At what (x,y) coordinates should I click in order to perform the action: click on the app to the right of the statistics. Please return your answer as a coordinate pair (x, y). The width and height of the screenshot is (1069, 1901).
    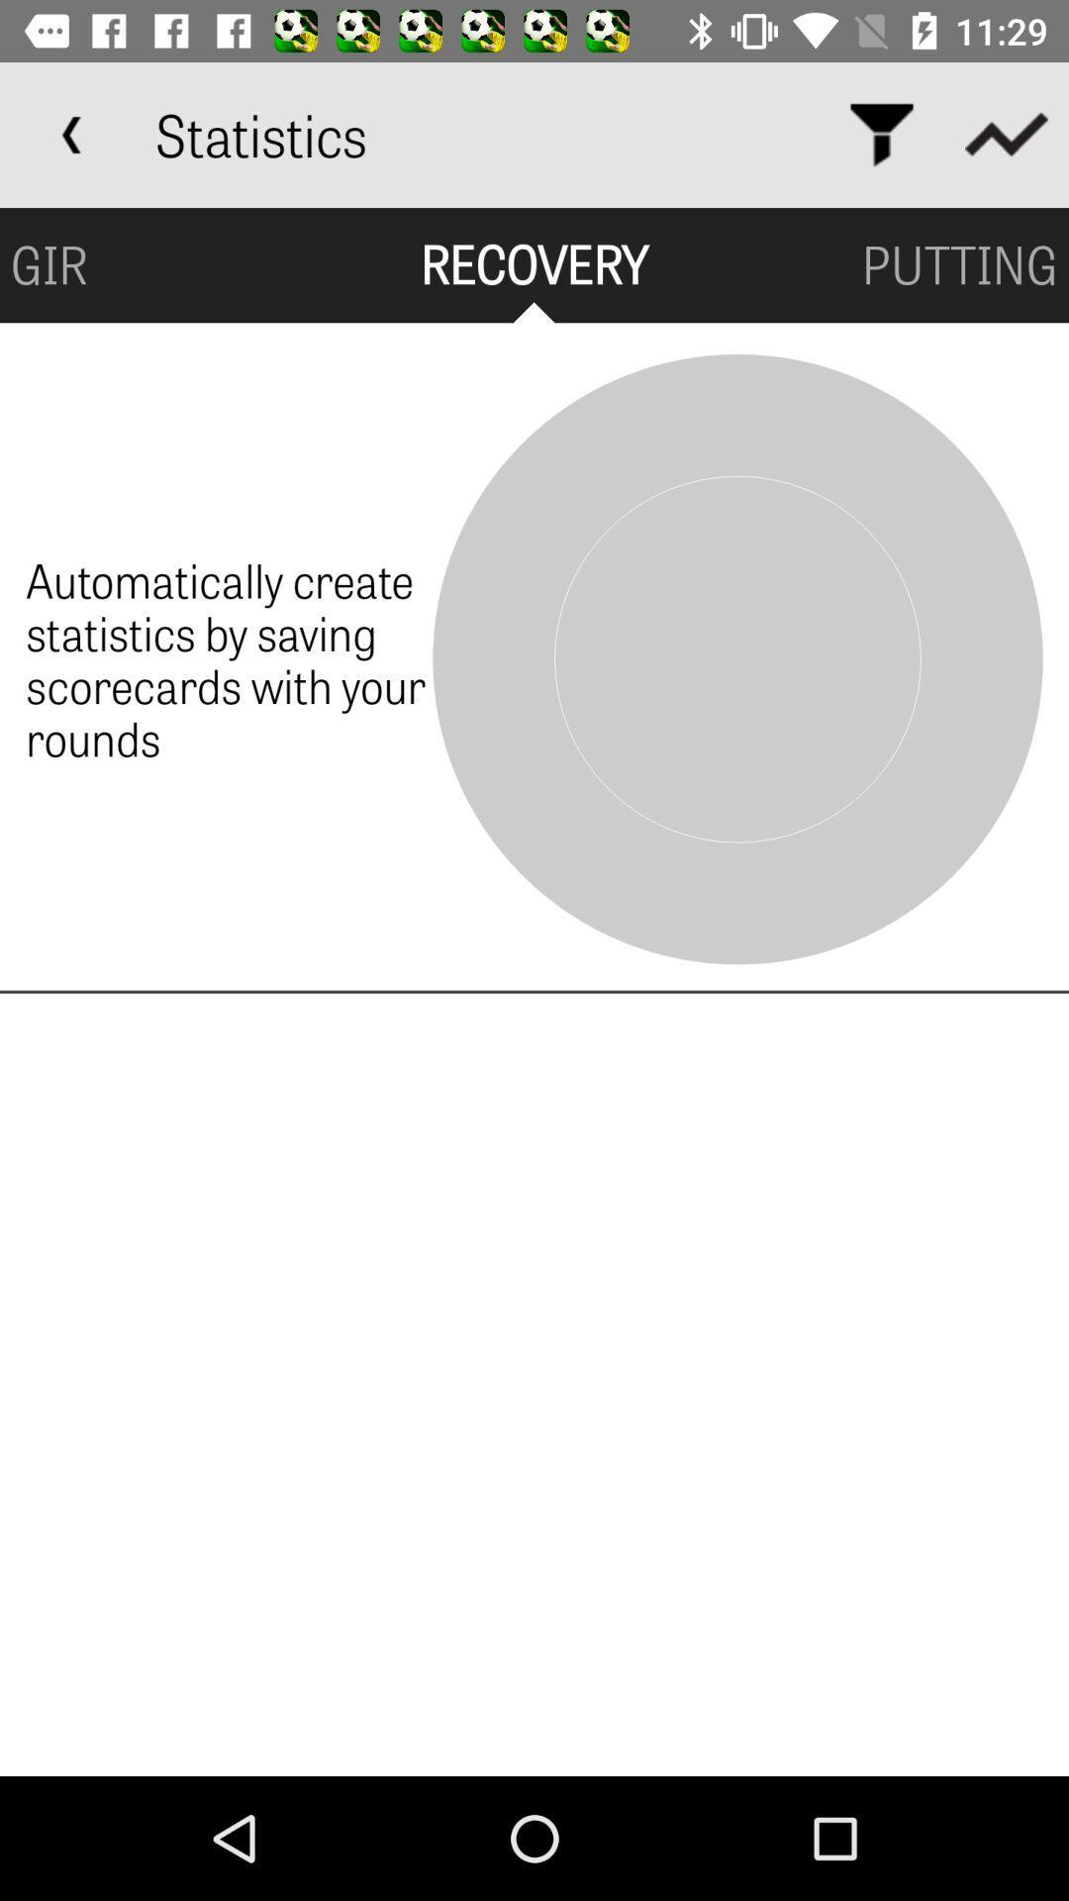
    Looking at the image, I should click on (881, 134).